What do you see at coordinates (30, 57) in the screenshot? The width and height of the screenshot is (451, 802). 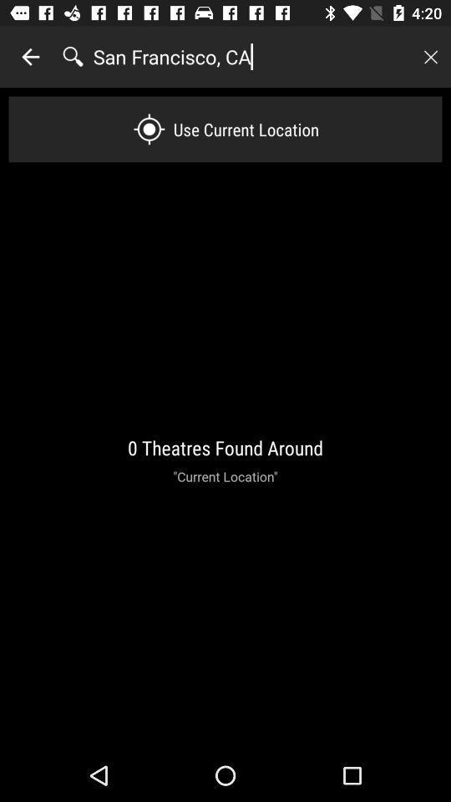 I see `the icon at the top left corner` at bounding box center [30, 57].